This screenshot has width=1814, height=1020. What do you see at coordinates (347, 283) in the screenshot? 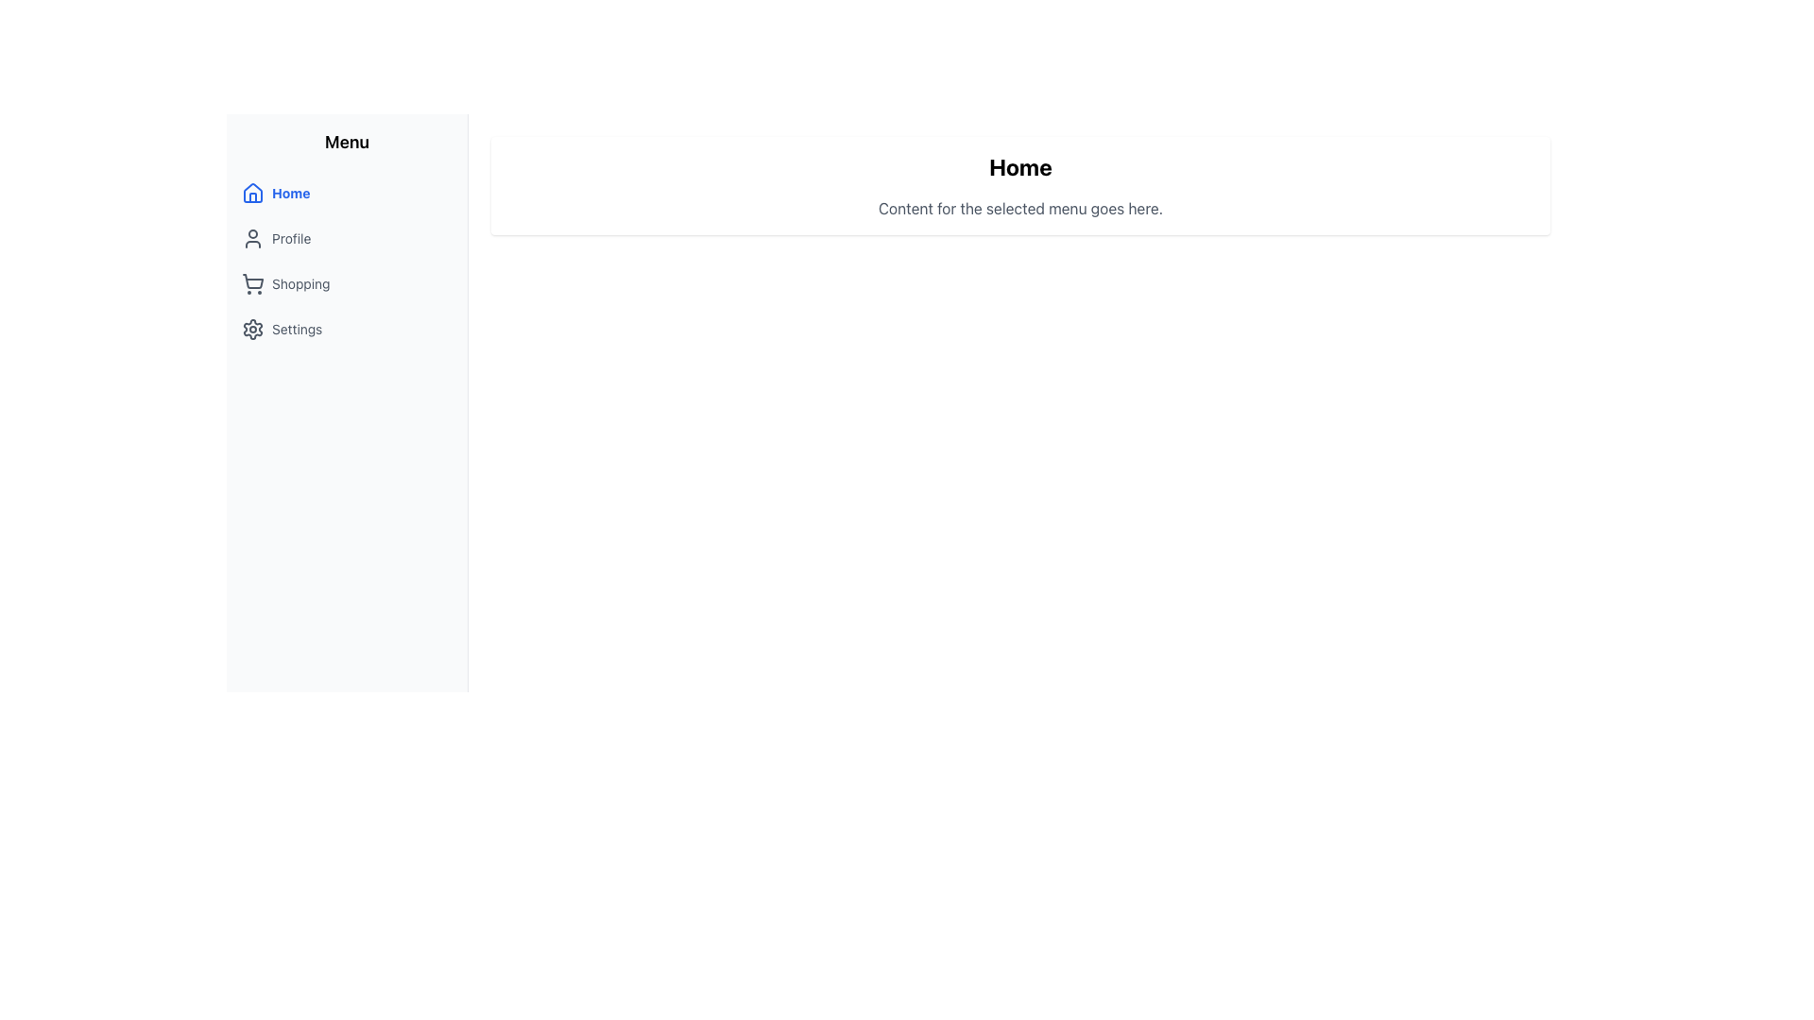
I see `the 'Shopping' button in the vertical navigation menu, which is styled in gray and located between the 'Profile' and 'Settings' menu items` at bounding box center [347, 283].